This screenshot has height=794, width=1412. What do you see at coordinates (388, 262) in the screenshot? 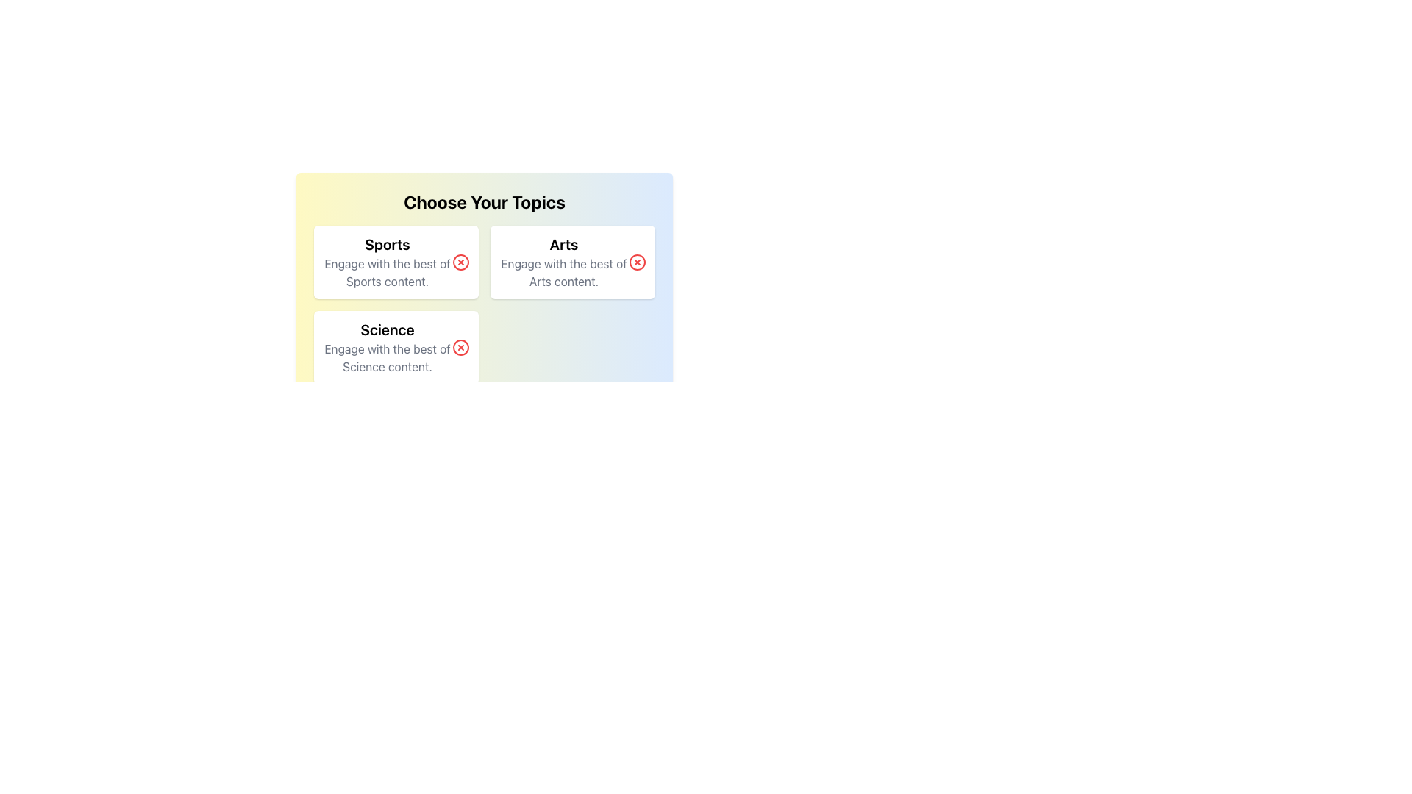
I see `the 'Sports' card text block located in the top-left corner of the grid layout` at bounding box center [388, 262].